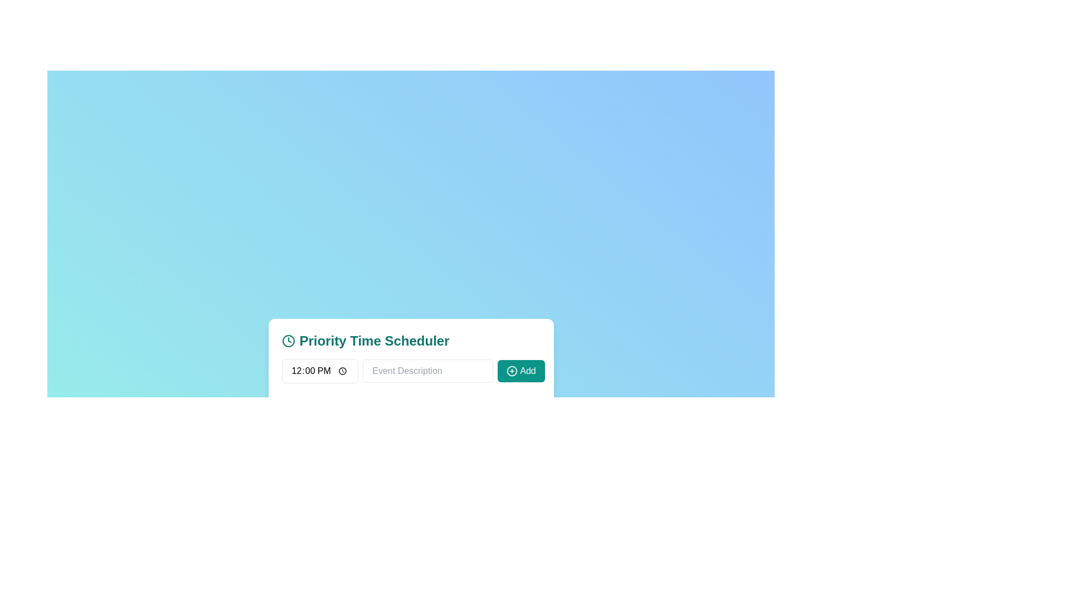 The width and height of the screenshot is (1070, 601). Describe the element at coordinates (410, 371) in the screenshot. I see `the 'Event Description' text input field to focus on it` at that location.